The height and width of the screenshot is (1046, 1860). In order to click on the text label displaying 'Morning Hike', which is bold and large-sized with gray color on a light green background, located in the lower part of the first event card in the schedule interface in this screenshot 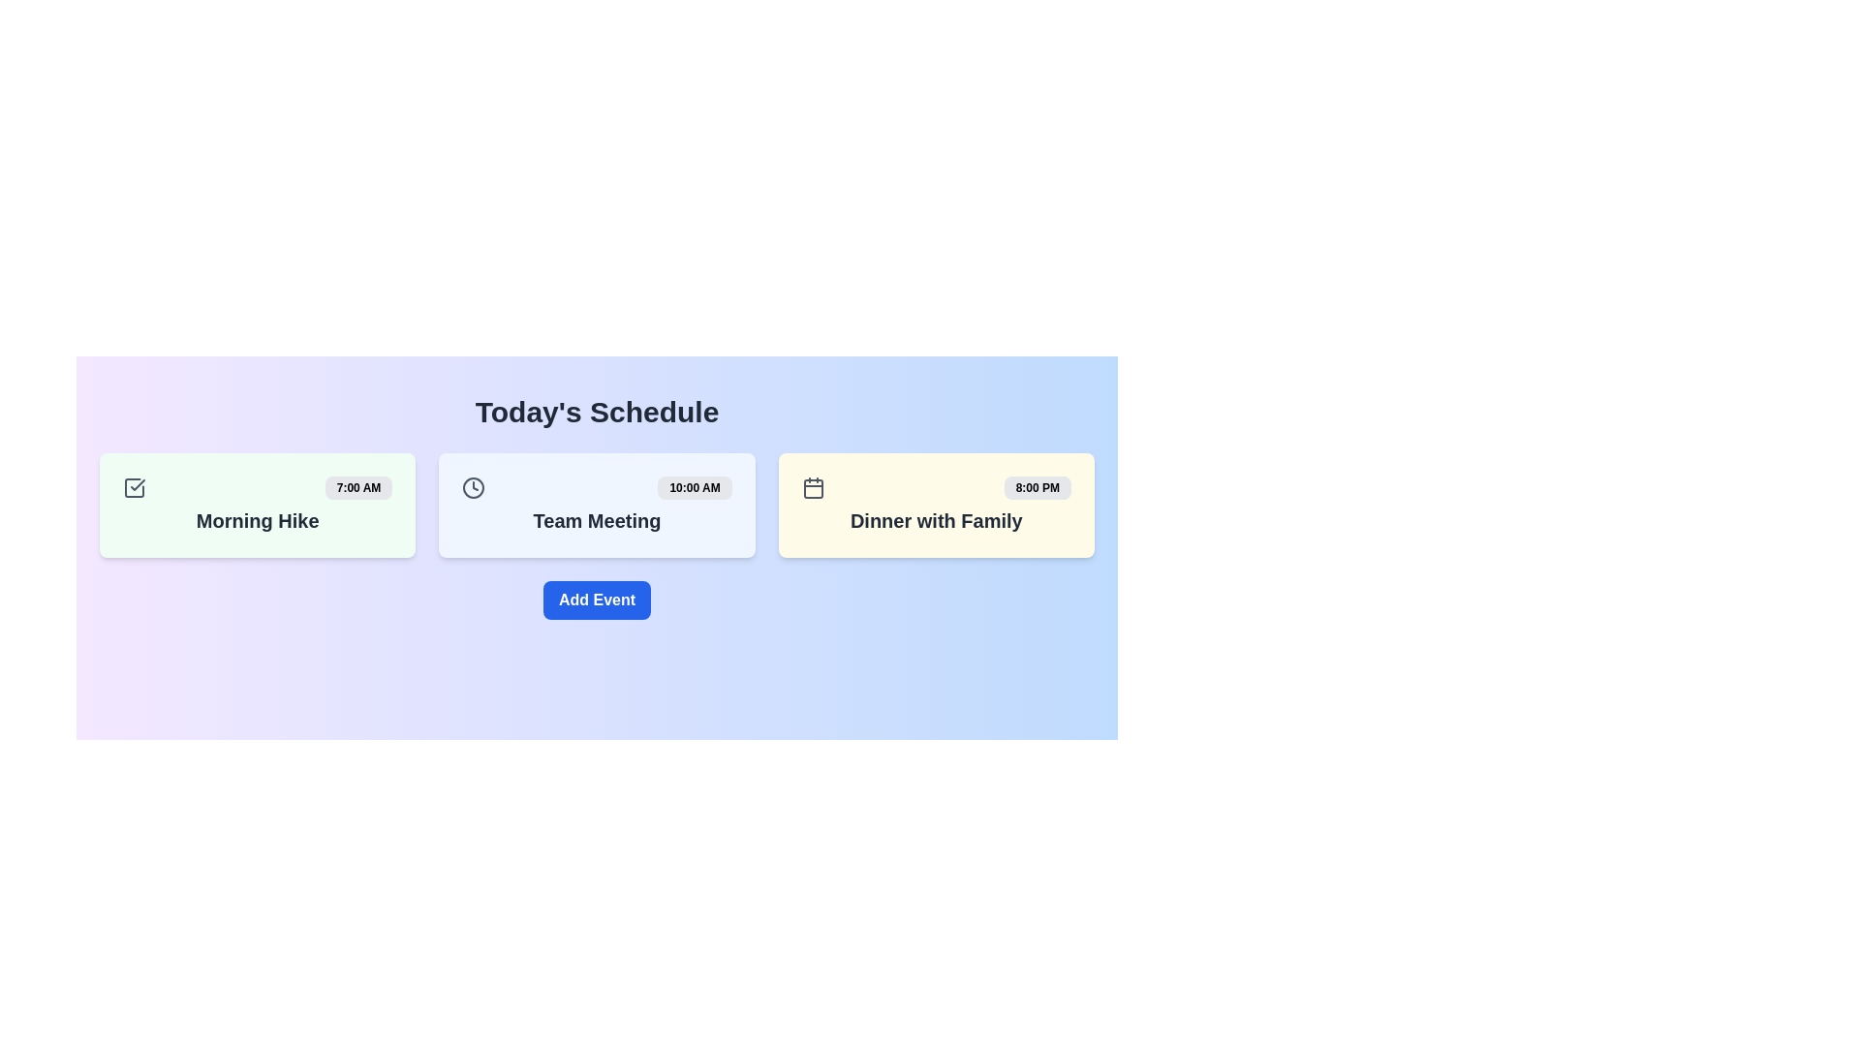, I will do `click(257, 519)`.